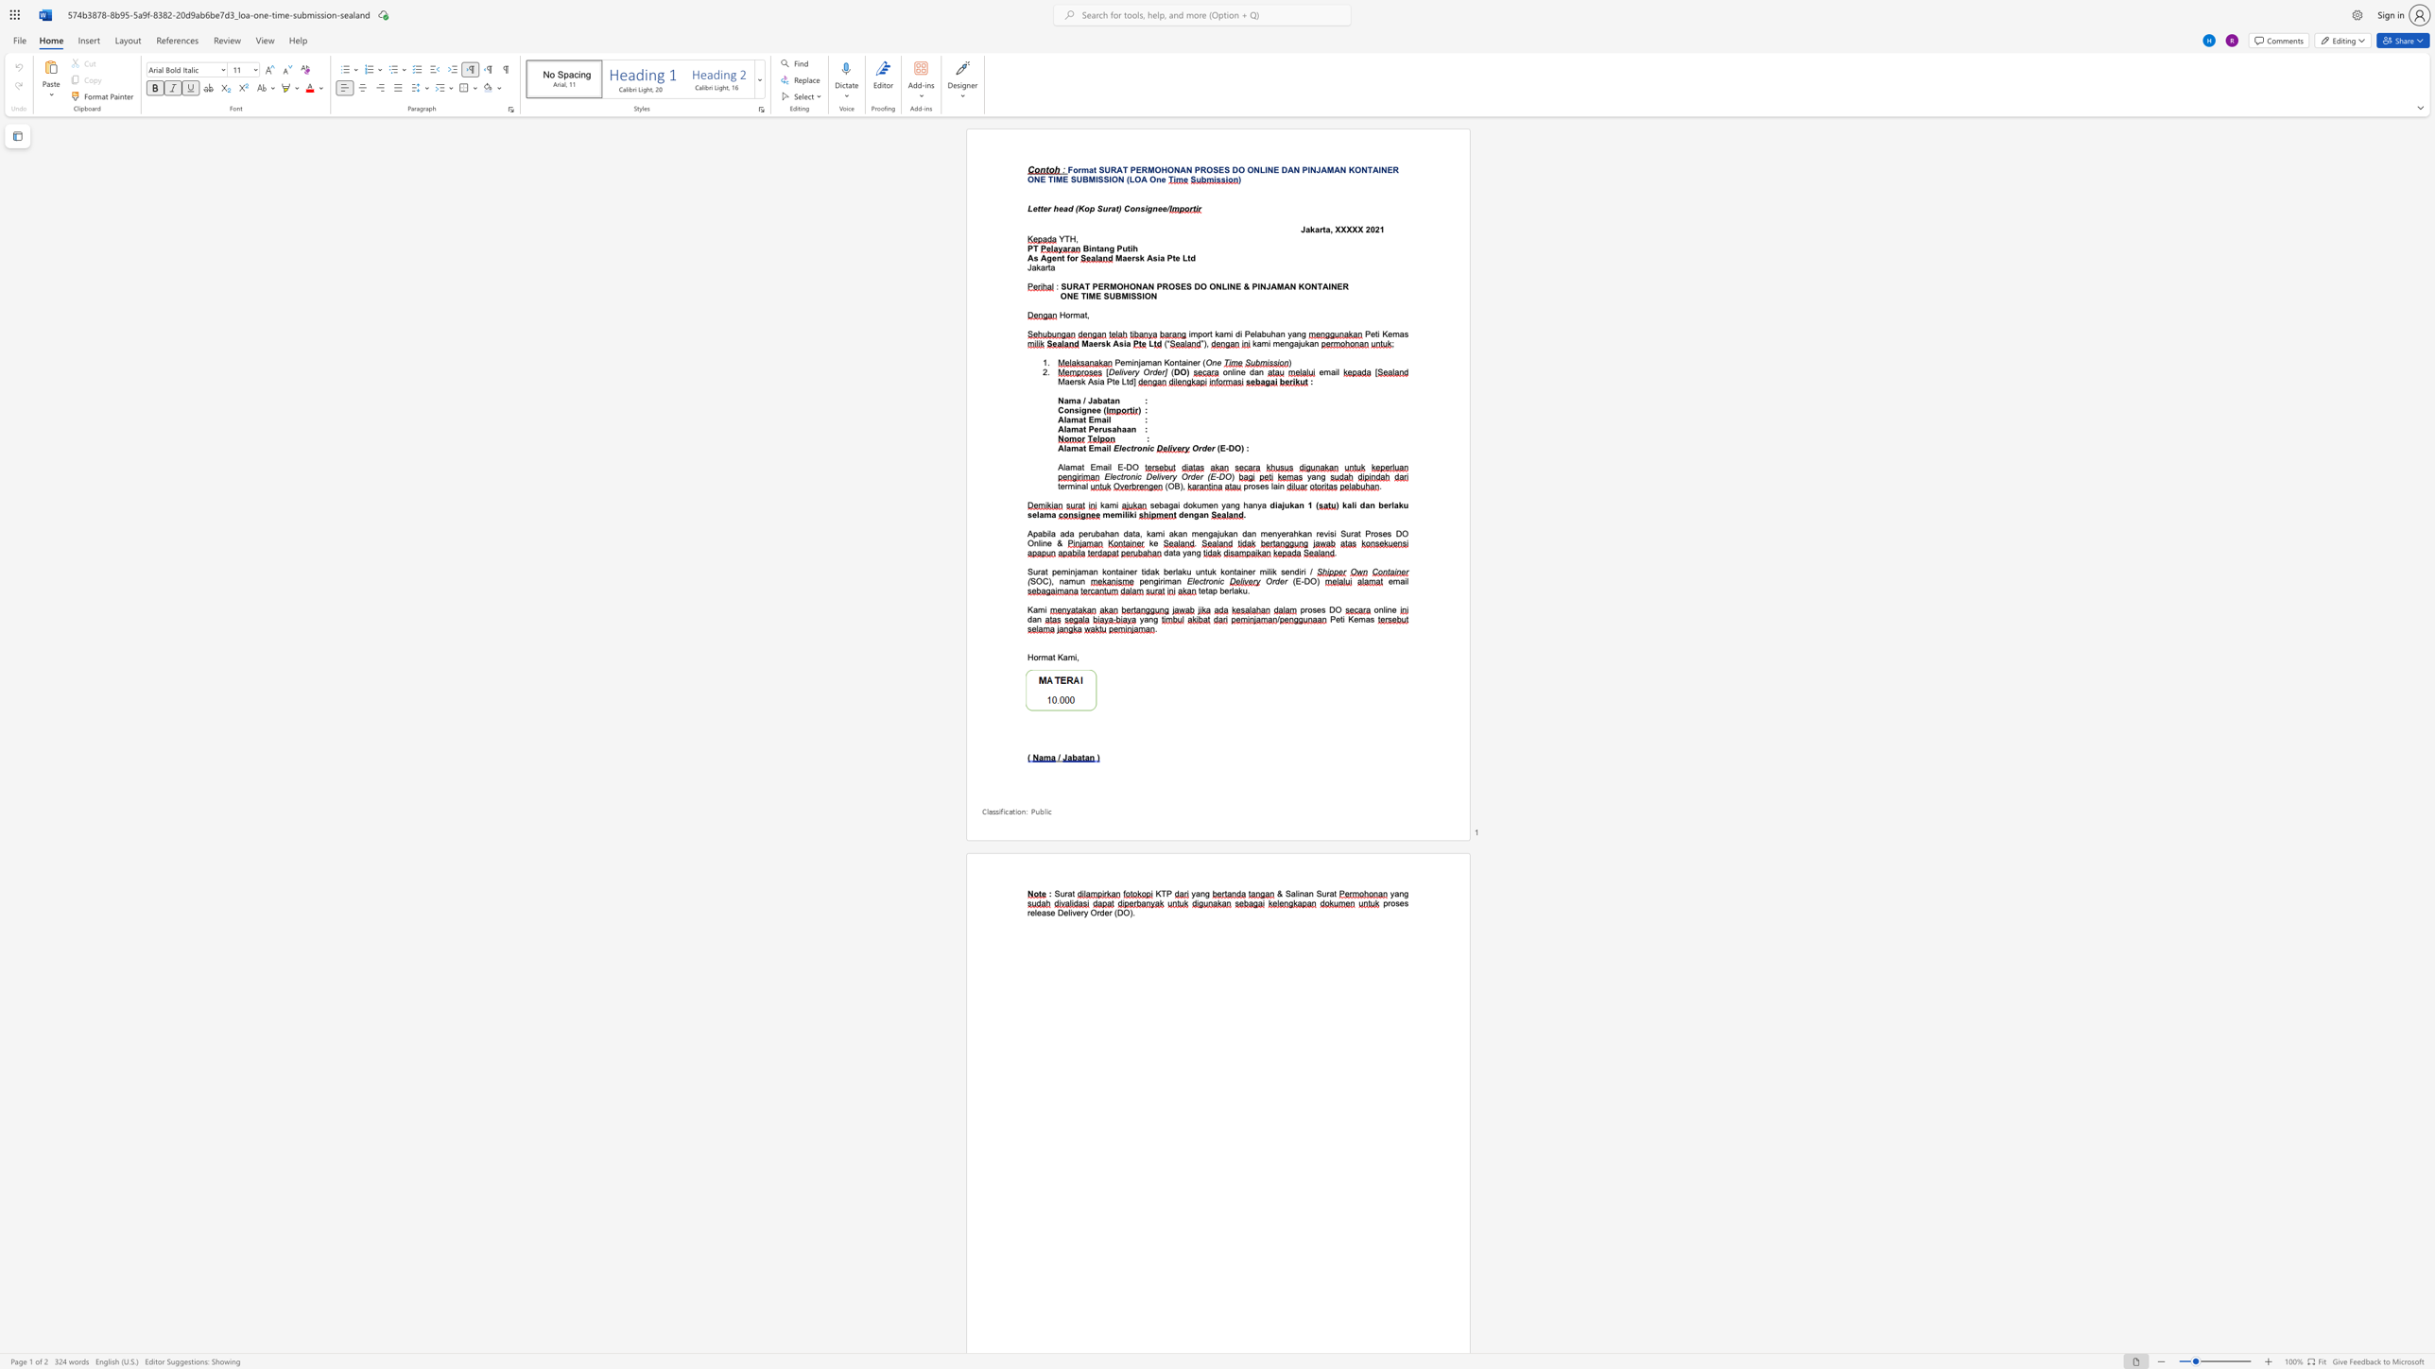 Image resolution: width=2435 pixels, height=1369 pixels. Describe the element at coordinates (1134, 571) in the screenshot. I see `the subset text "r tidak berl" within the text "Surat peminjaman kontainer tidak berlaku untuk kontainer milik sendiri /"` at that location.